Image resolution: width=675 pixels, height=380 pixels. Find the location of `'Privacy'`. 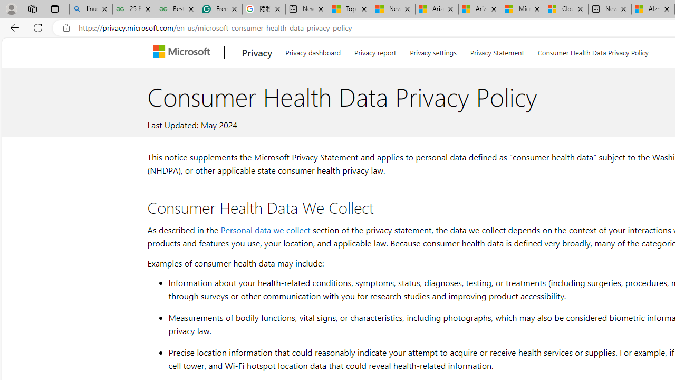

'Privacy' is located at coordinates (257, 52).